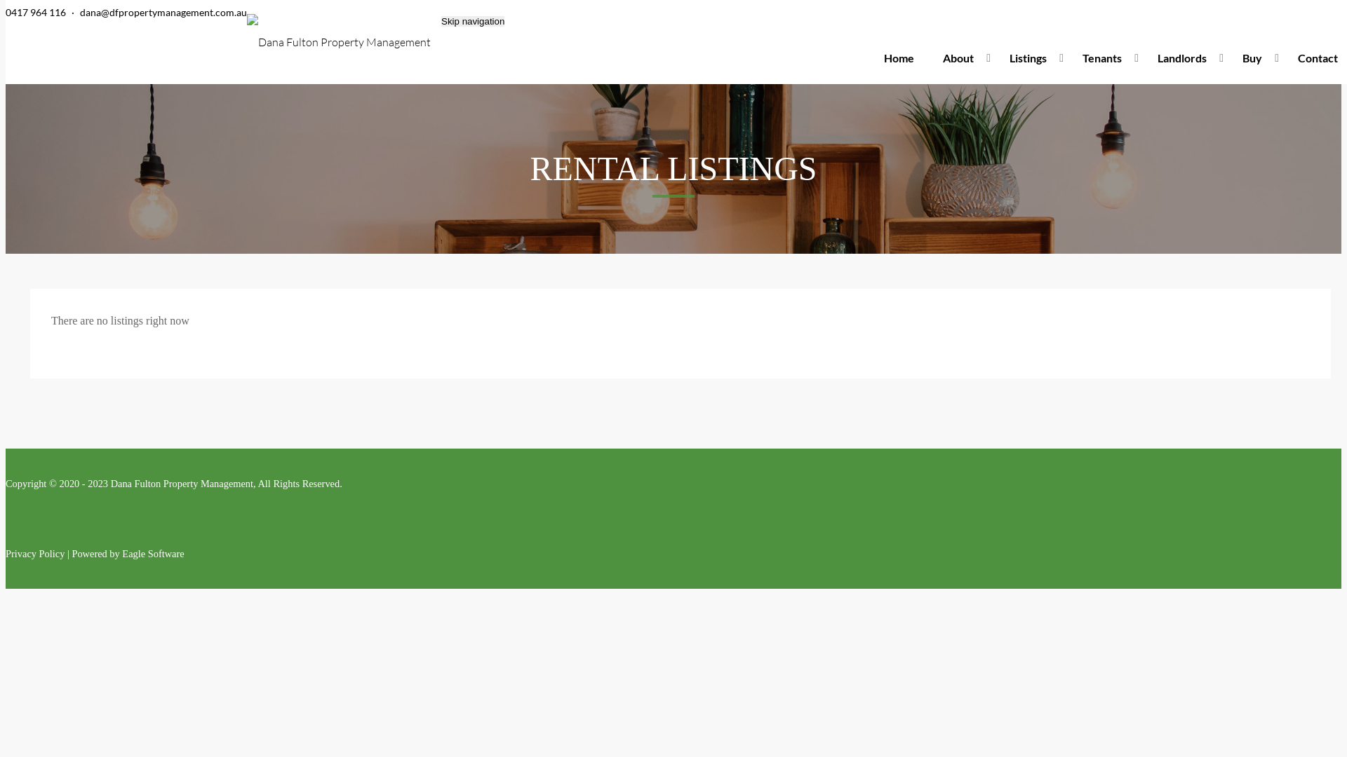 Image resolution: width=1347 pixels, height=757 pixels. Describe the element at coordinates (36, 12) in the screenshot. I see `'0417 964 116'` at that location.